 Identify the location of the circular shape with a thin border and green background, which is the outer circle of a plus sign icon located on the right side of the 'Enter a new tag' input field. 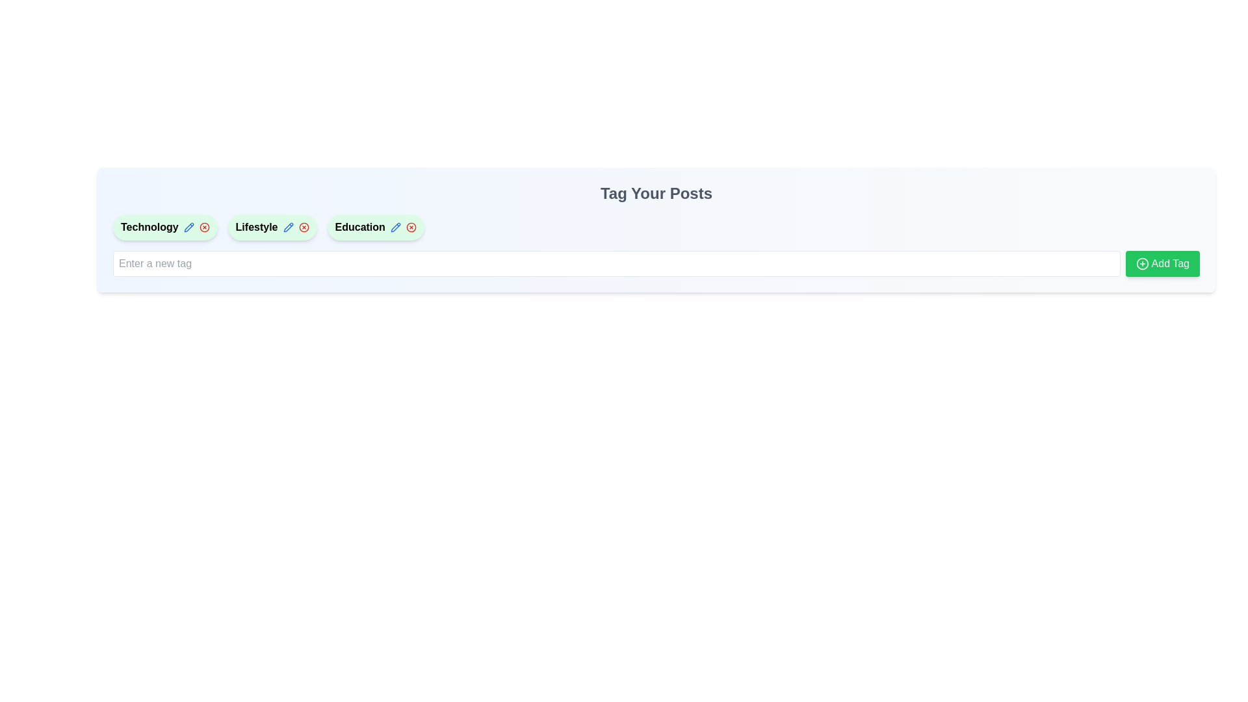
(1141, 263).